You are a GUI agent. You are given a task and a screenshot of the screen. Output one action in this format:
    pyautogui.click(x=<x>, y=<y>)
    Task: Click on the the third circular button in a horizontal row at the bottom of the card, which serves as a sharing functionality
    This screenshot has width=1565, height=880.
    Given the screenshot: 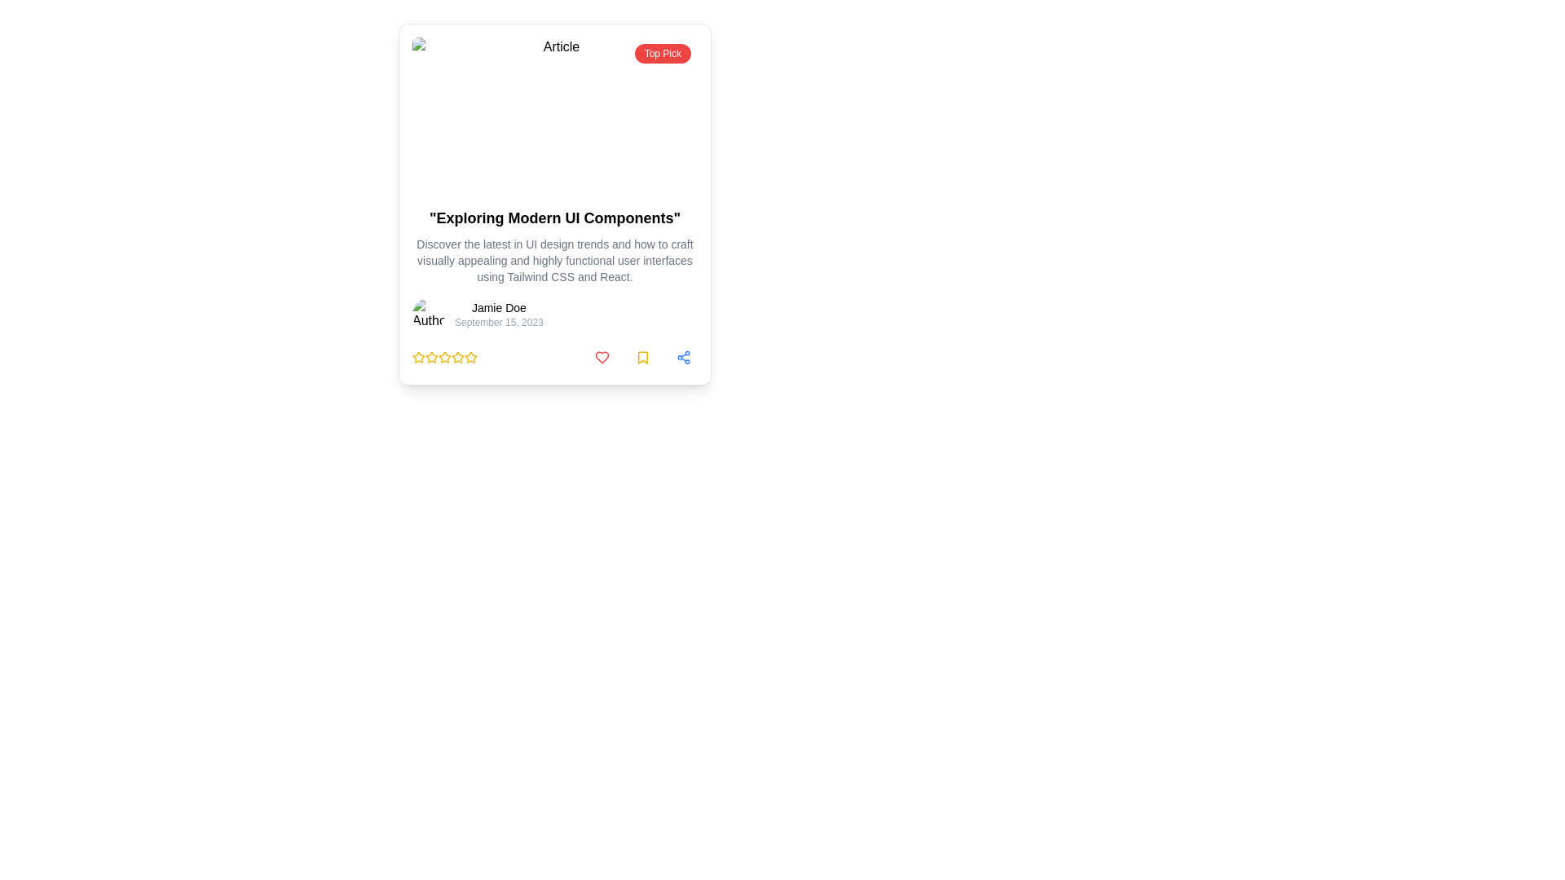 What is the action you would take?
    pyautogui.click(x=684, y=357)
    